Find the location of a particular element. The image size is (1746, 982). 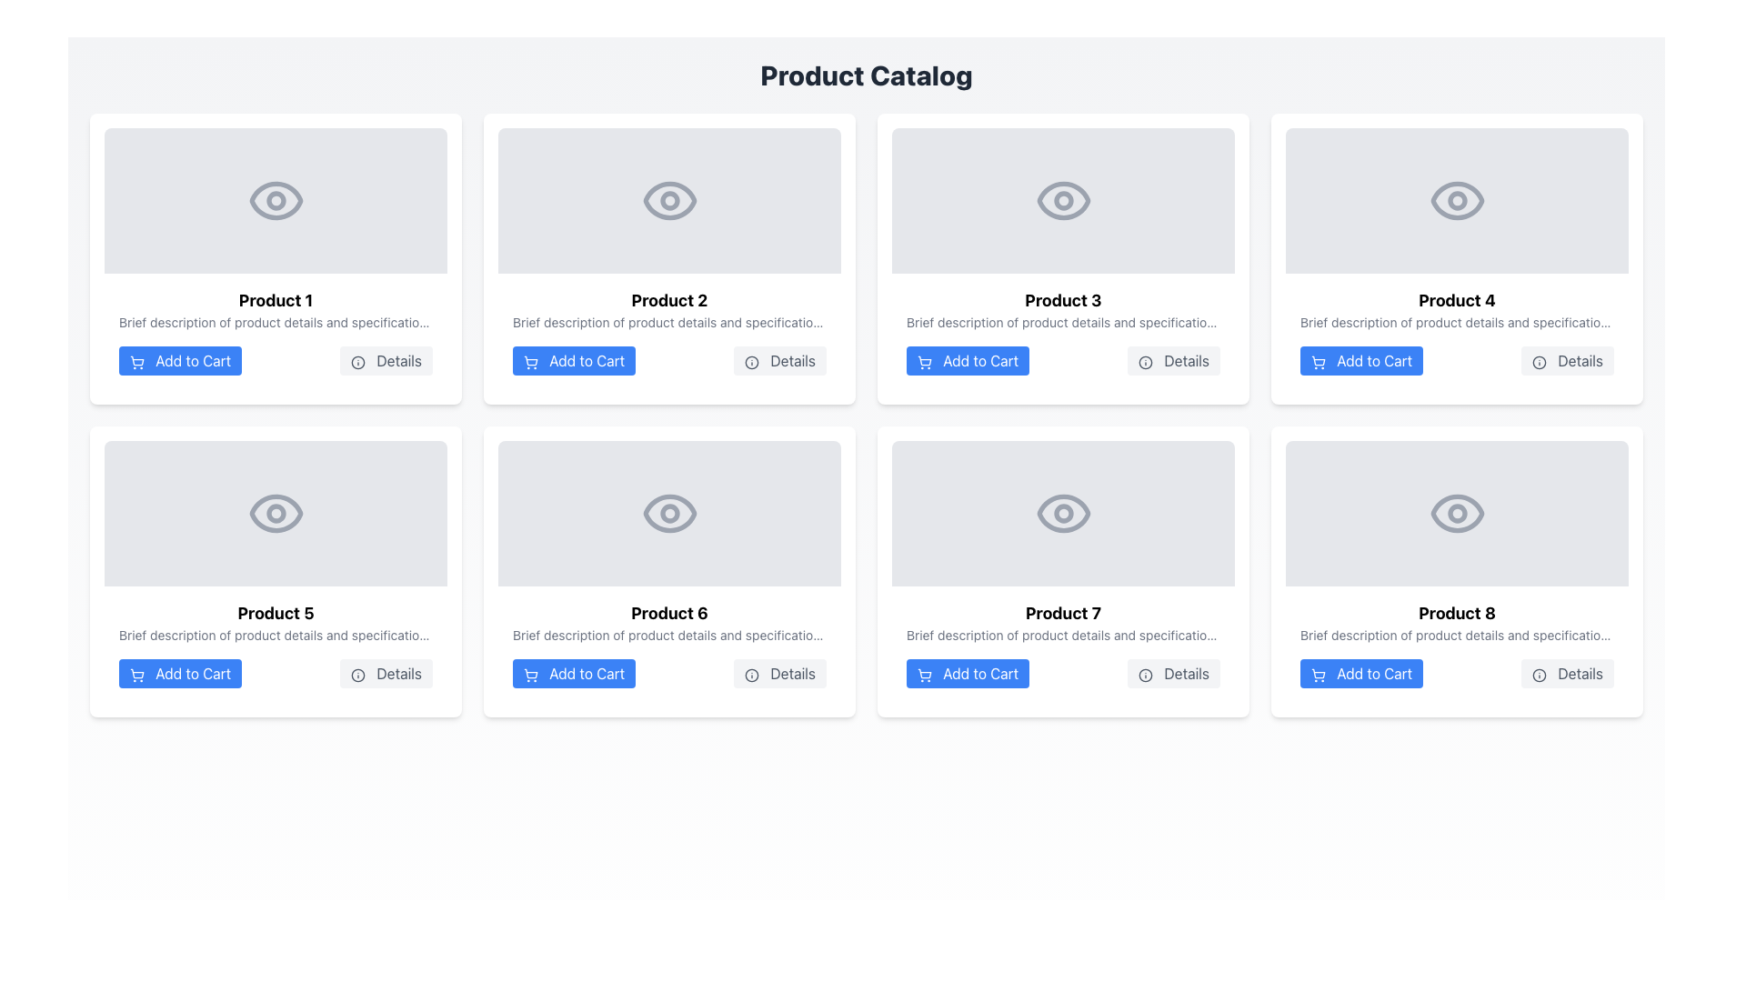

the Decorative SVG shape of the eye icon located in the third product card from the left, positioned above the text 'Product 3' is located at coordinates (1063, 200).